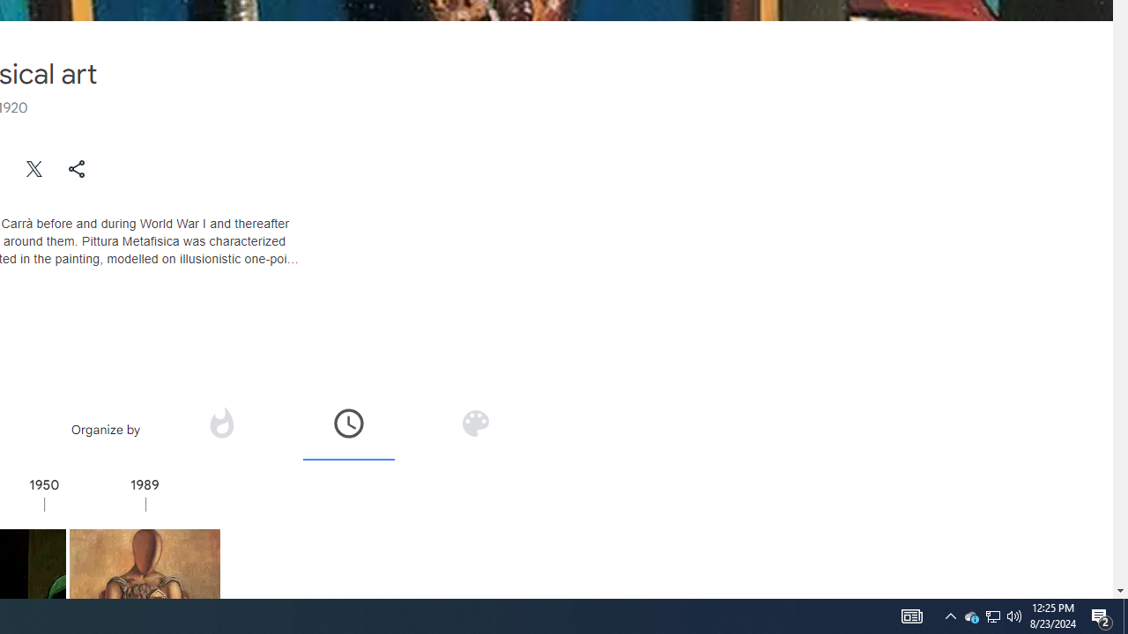 Image resolution: width=1128 pixels, height=634 pixels. I want to click on 'Organize by time', so click(348, 429).